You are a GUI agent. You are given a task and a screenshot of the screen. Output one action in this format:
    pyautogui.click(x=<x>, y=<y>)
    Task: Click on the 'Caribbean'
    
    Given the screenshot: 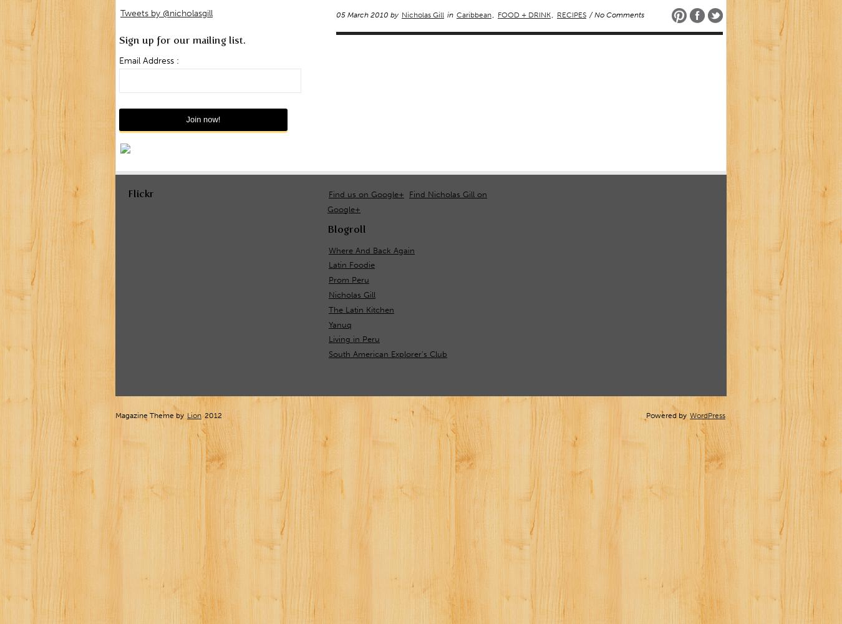 What is the action you would take?
    pyautogui.click(x=473, y=15)
    